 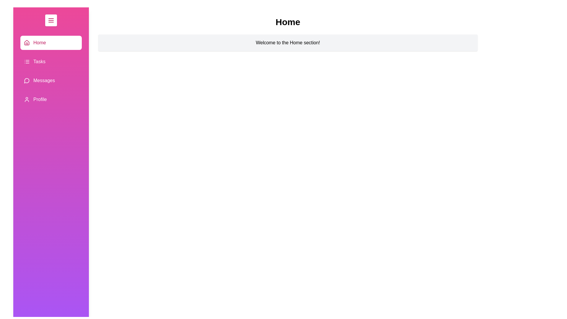 What do you see at coordinates (51, 20) in the screenshot?
I see `the toggle button to toggle the drawer open or closed` at bounding box center [51, 20].